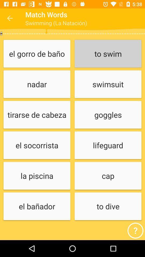 This screenshot has height=257, width=145. I want to click on the item below the el socorrista, so click(37, 176).